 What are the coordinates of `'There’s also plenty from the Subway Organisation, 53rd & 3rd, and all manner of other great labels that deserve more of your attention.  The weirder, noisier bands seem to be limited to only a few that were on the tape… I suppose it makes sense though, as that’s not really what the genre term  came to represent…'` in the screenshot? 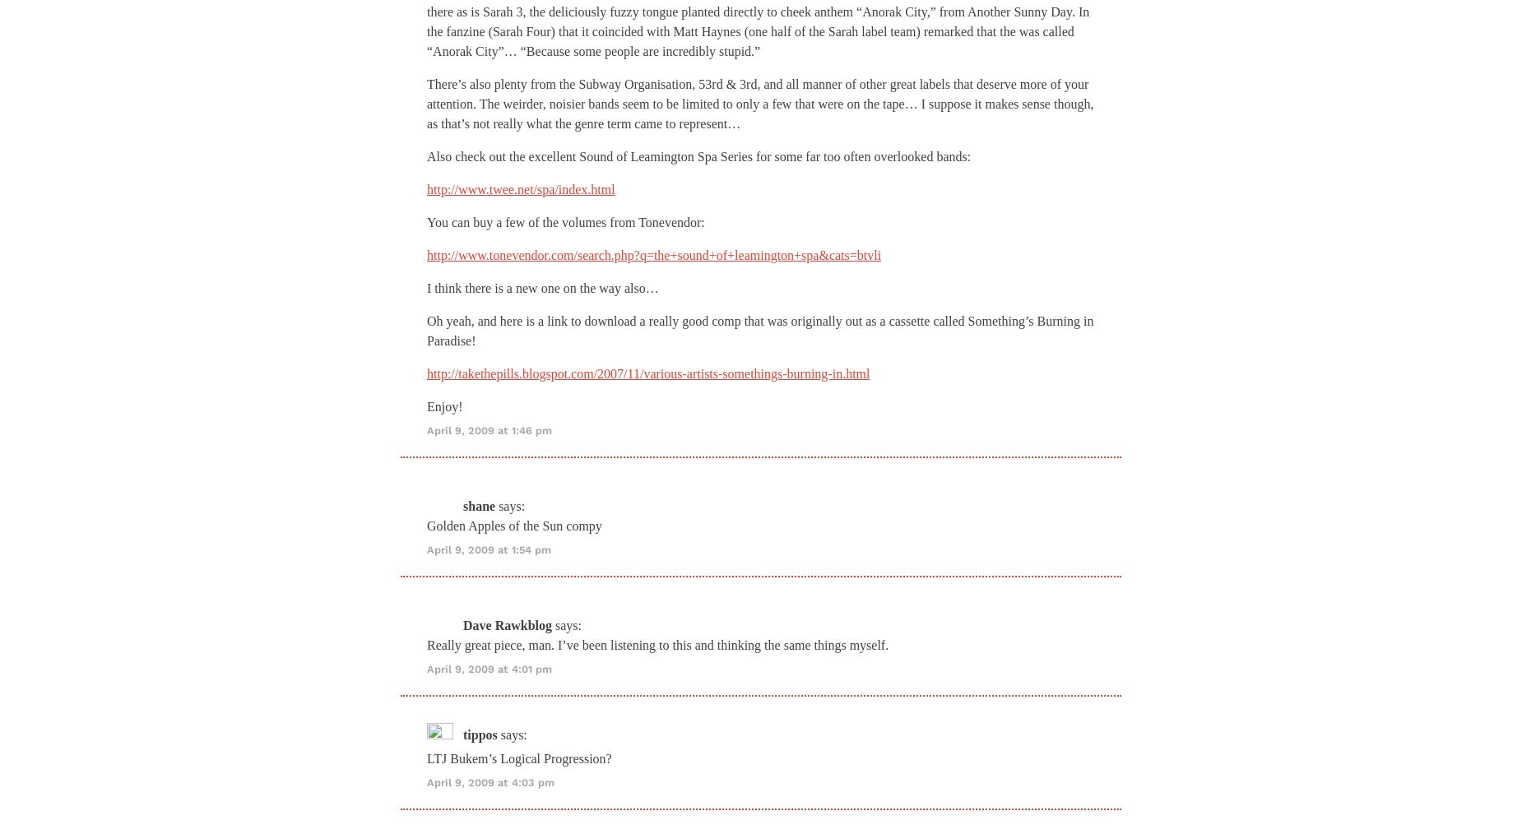 It's located at (760, 103).